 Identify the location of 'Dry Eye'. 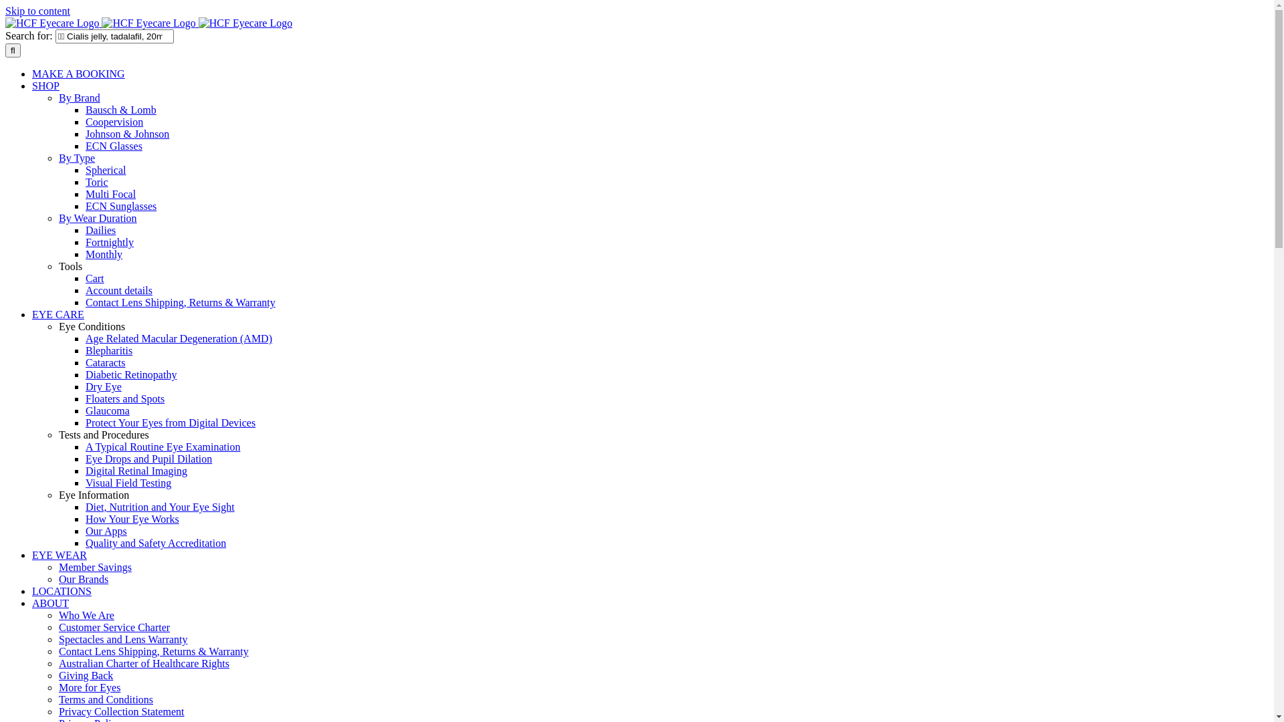
(102, 386).